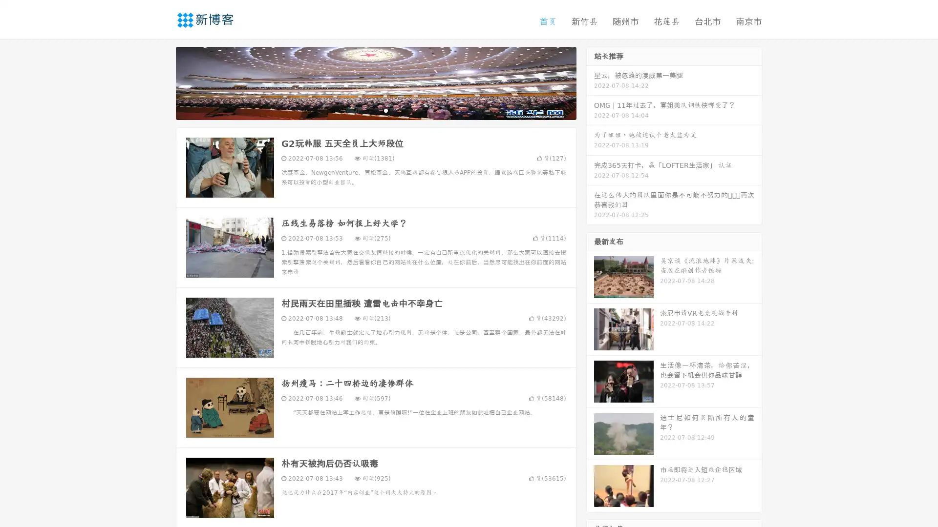  Describe the element at coordinates (375, 110) in the screenshot. I see `Go to slide 2` at that location.